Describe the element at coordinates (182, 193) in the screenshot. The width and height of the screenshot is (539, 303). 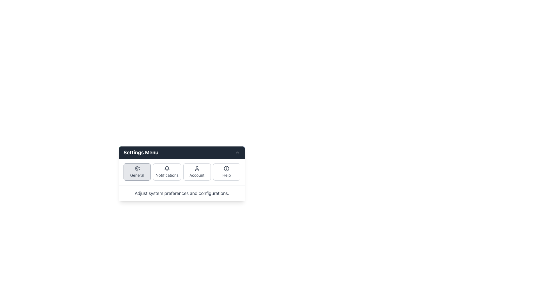
I see `the static text label that contains the description 'Adjust system preferences and configurations.' to emphasize it` at that location.